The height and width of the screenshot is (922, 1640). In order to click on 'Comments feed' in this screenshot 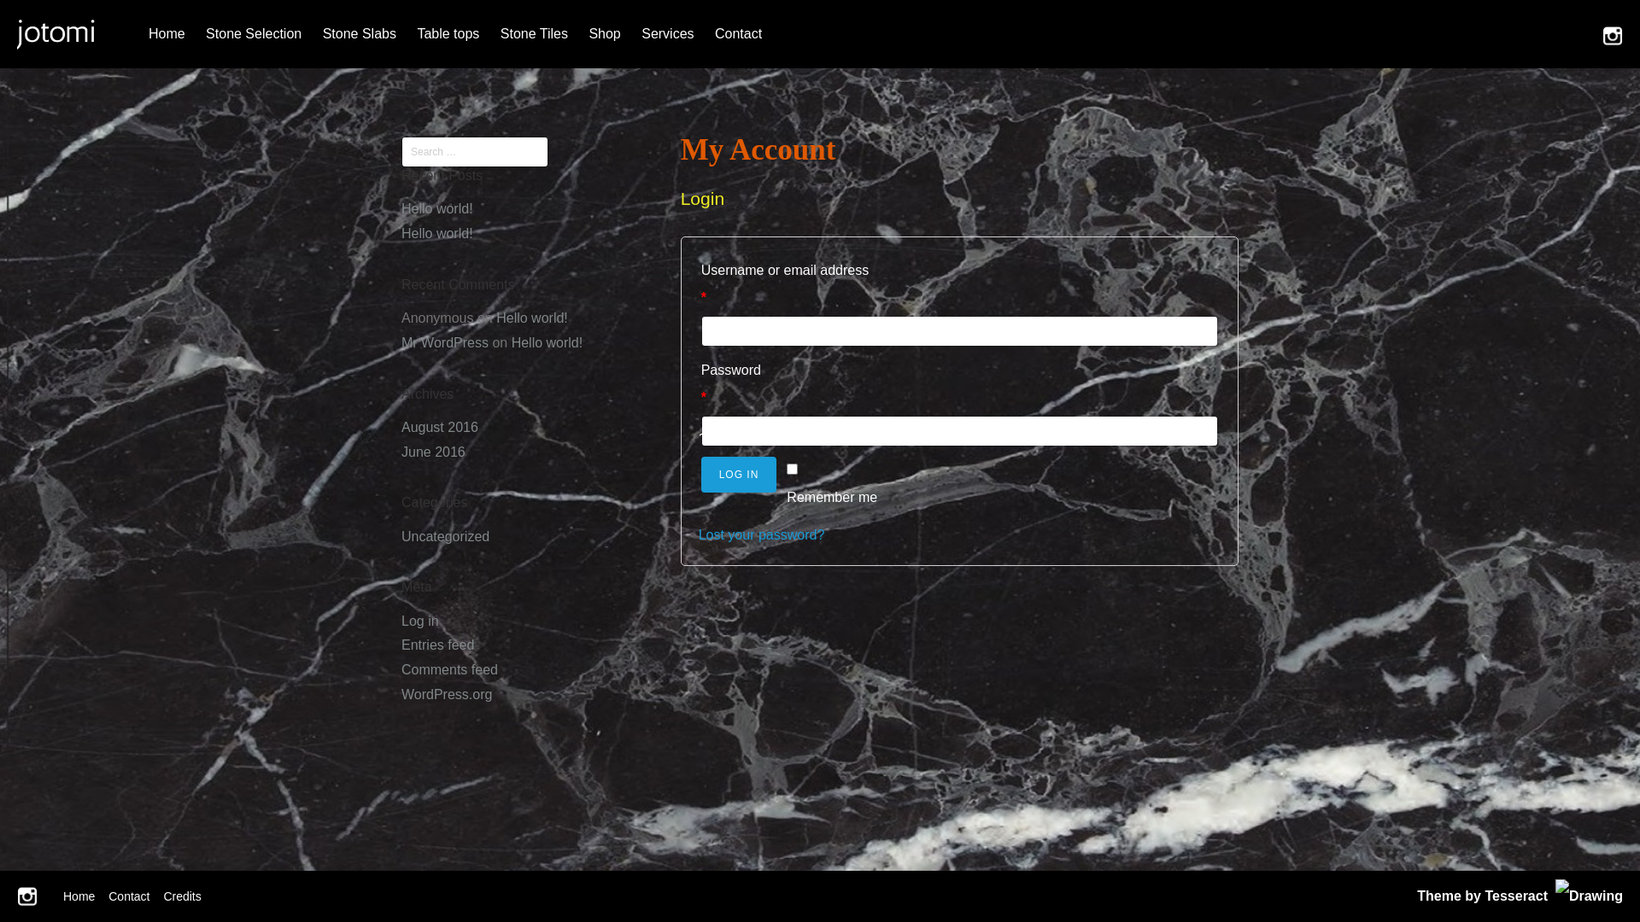, I will do `click(449, 668)`.